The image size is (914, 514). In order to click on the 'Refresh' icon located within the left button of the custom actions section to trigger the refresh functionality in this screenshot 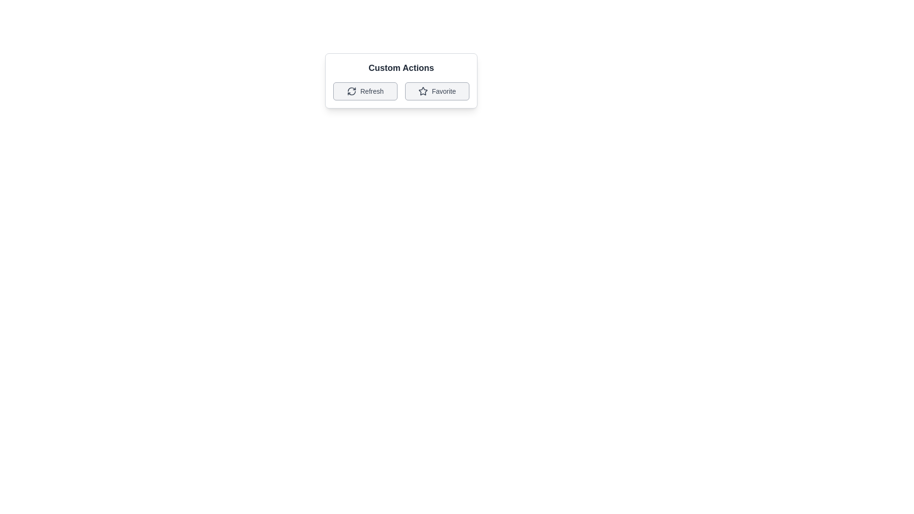, I will do `click(351, 91)`.